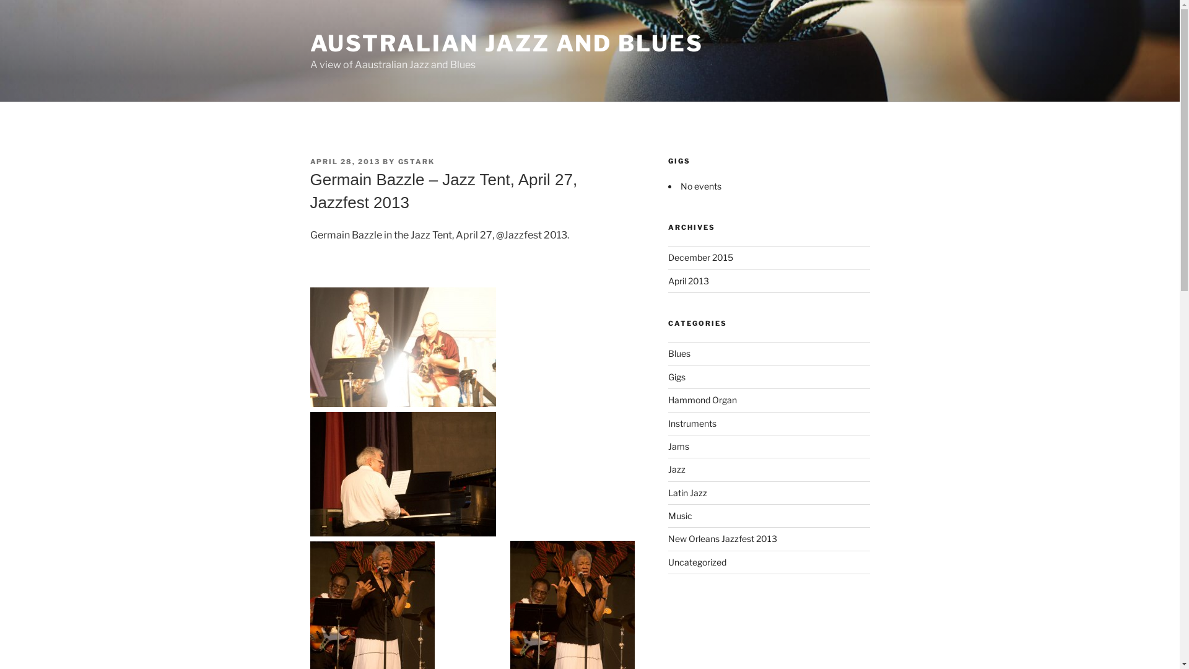  Describe the element at coordinates (722, 538) in the screenshot. I see `'New Orleans Jazzfest 2013'` at that location.